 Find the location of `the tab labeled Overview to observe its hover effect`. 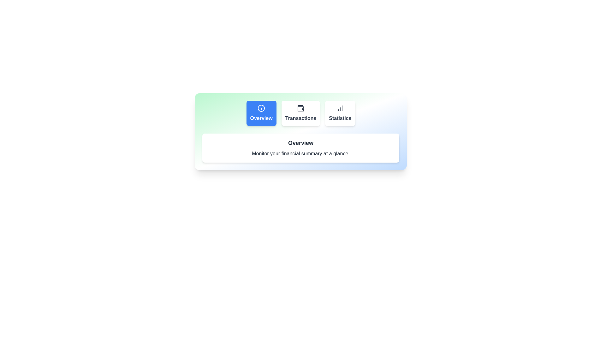

the tab labeled Overview to observe its hover effect is located at coordinates (261, 113).